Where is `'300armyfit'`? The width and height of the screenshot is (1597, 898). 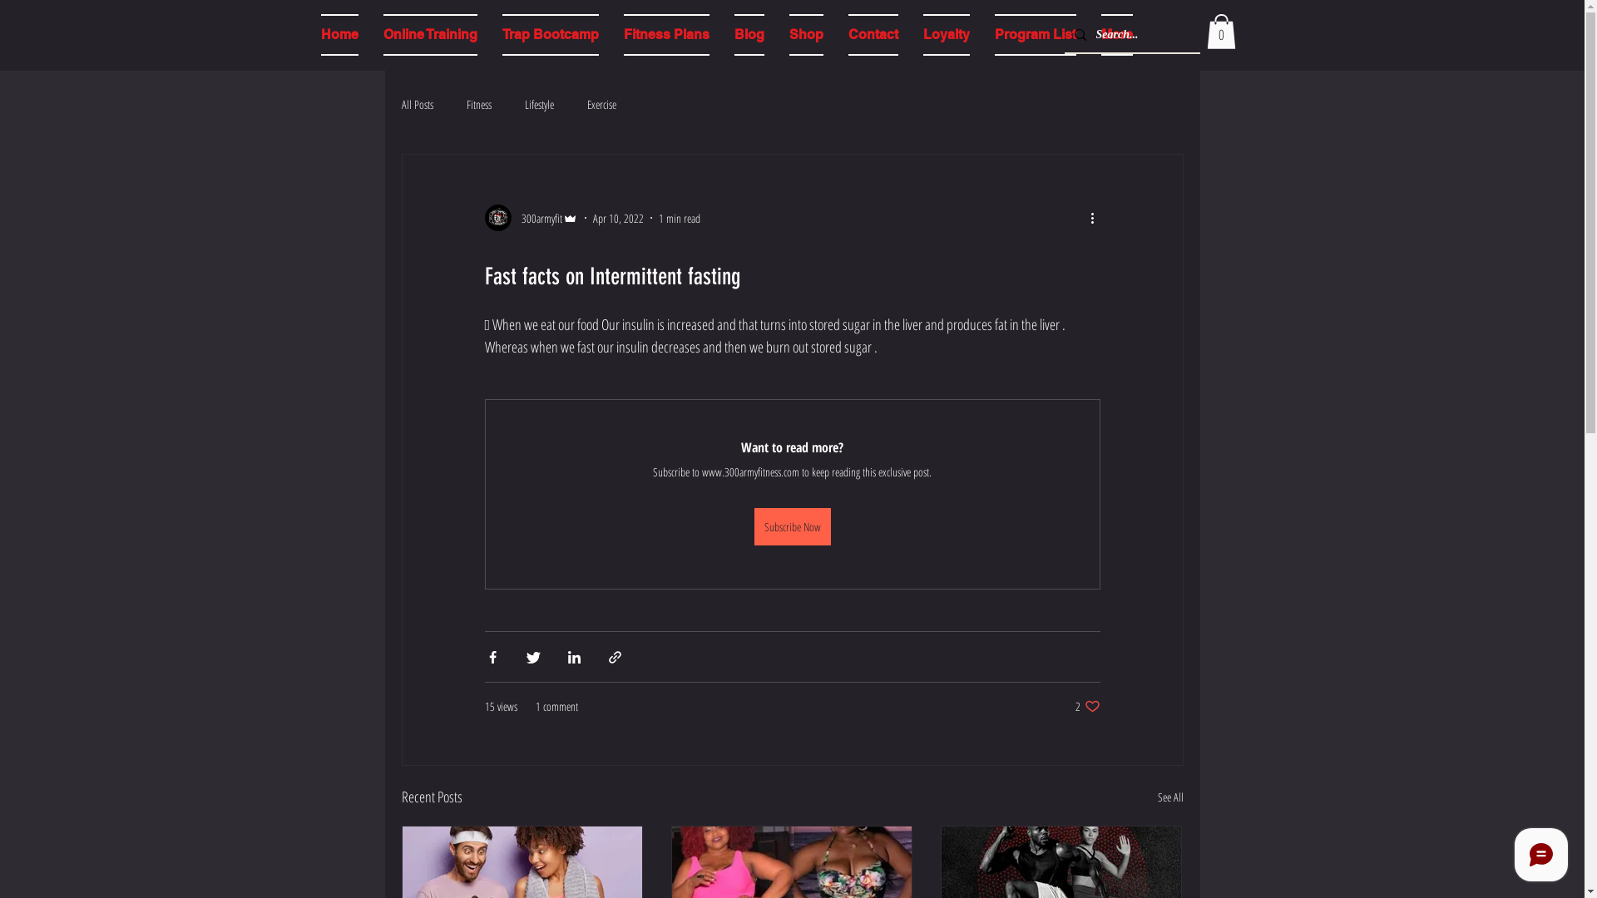
'300armyfit' is located at coordinates (530, 217).